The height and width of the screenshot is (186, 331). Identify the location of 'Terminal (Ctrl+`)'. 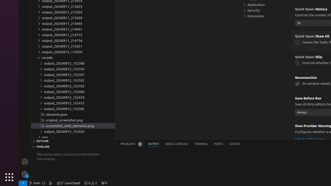
(201, 144).